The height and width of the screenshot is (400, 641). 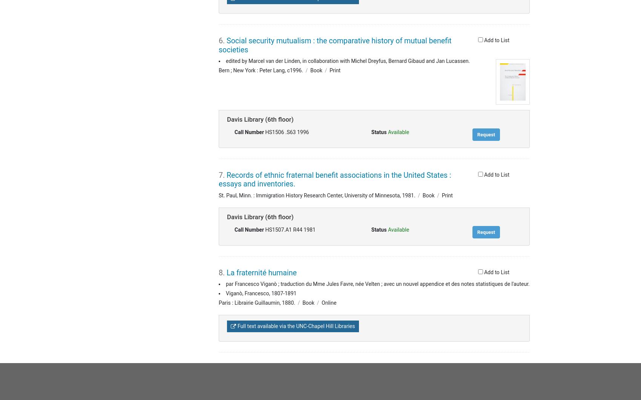 I want to click on 'Paris : Librairie Guillaumin, 1880.', so click(x=218, y=302).